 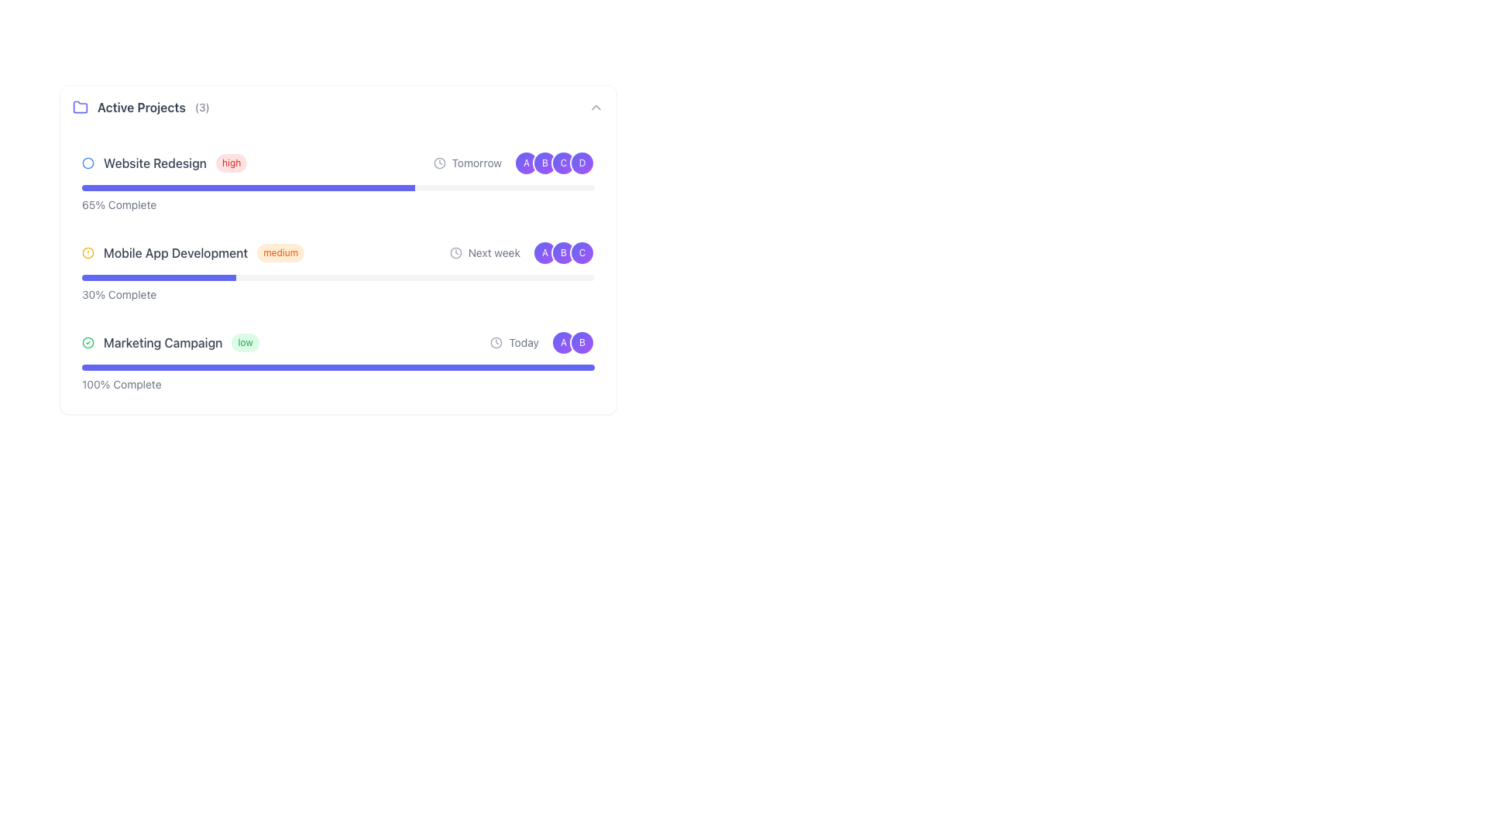 What do you see at coordinates (337, 187) in the screenshot?
I see `the progress visually by focusing on the progress bar aligned with the 'Website Redesign' row, which indicates the completion status of 65%` at bounding box center [337, 187].